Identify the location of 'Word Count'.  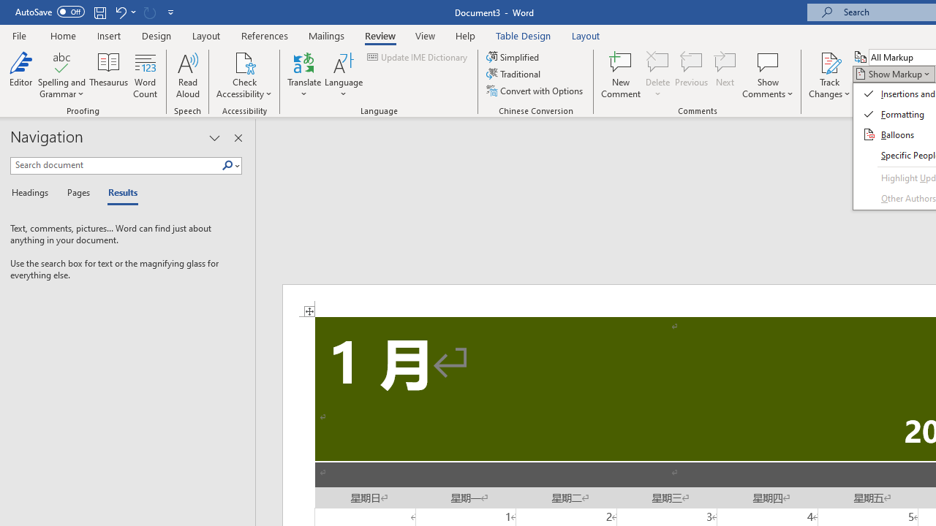
(146, 75).